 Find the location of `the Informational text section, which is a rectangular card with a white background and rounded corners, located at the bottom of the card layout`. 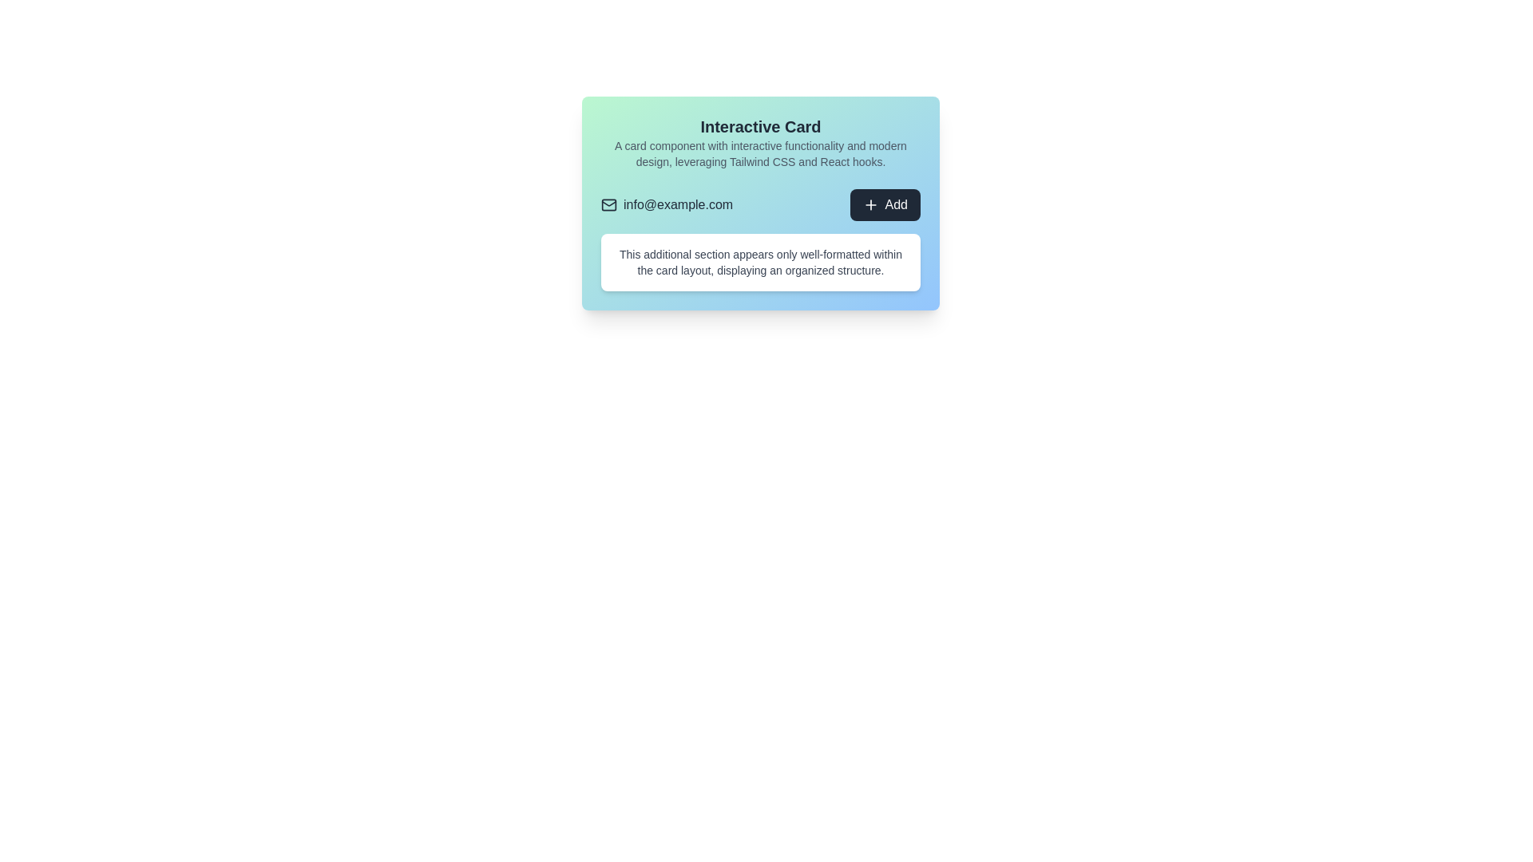

the Informational text section, which is a rectangular card with a white background and rounded corners, located at the bottom of the card layout is located at coordinates (760, 261).